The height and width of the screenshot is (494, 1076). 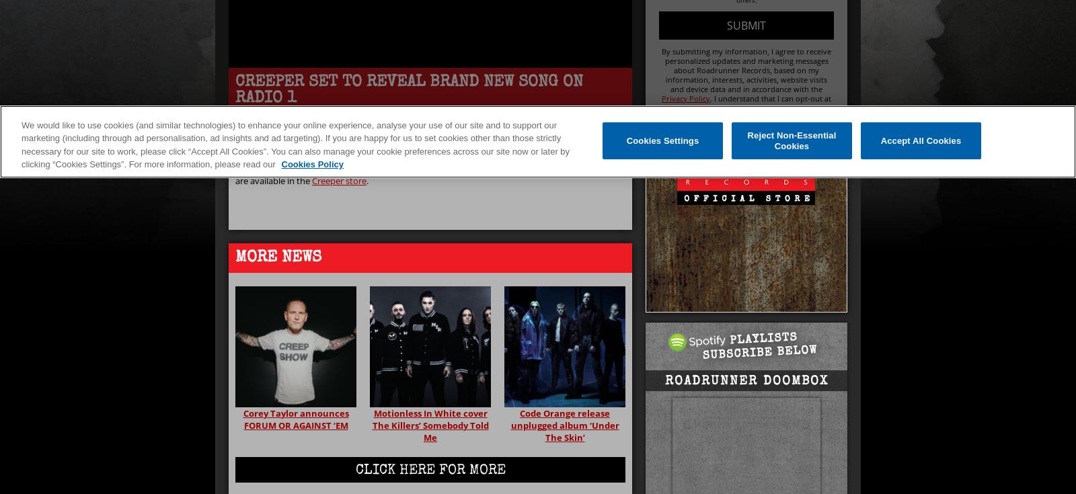 I want to click on 'Creeper set to reveal brand new song on Radio 1', so click(x=409, y=90).